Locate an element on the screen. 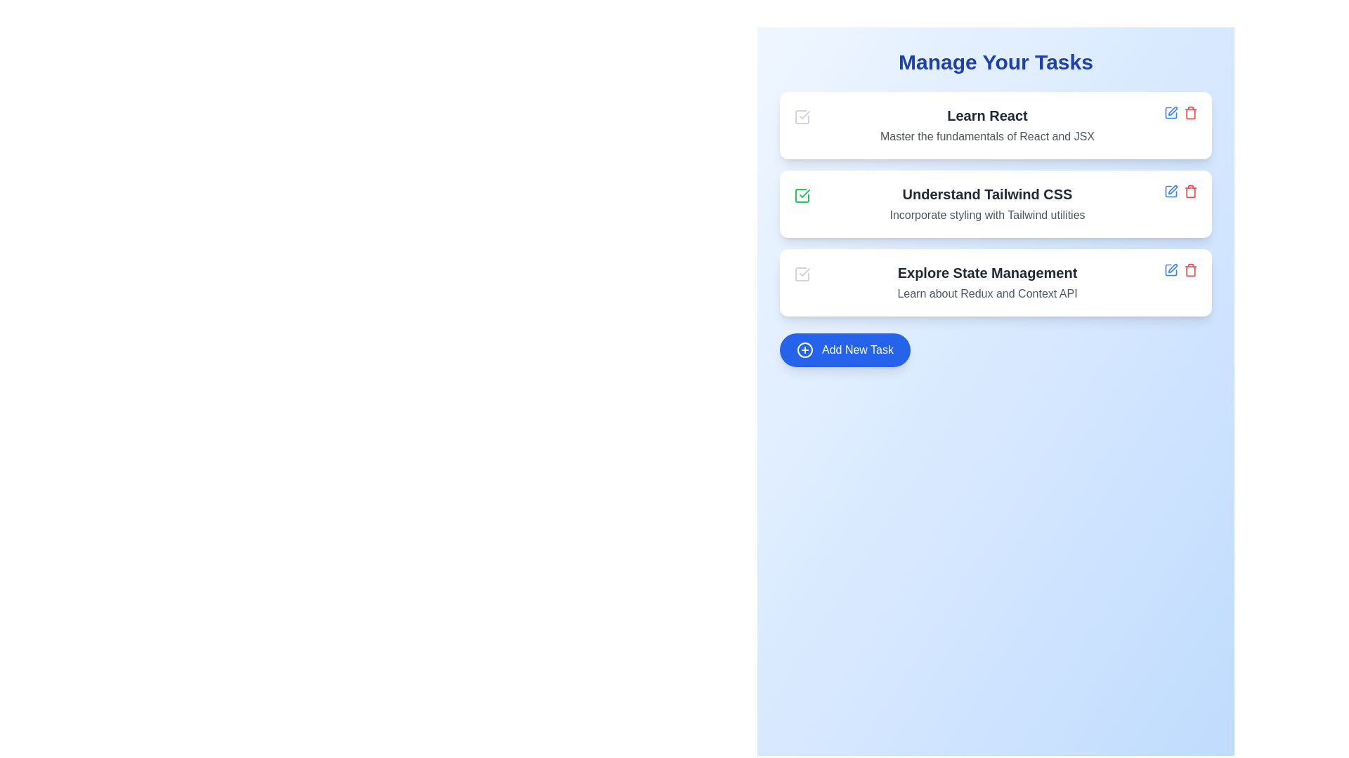  the task title within the structured task item component is located at coordinates (995, 204).